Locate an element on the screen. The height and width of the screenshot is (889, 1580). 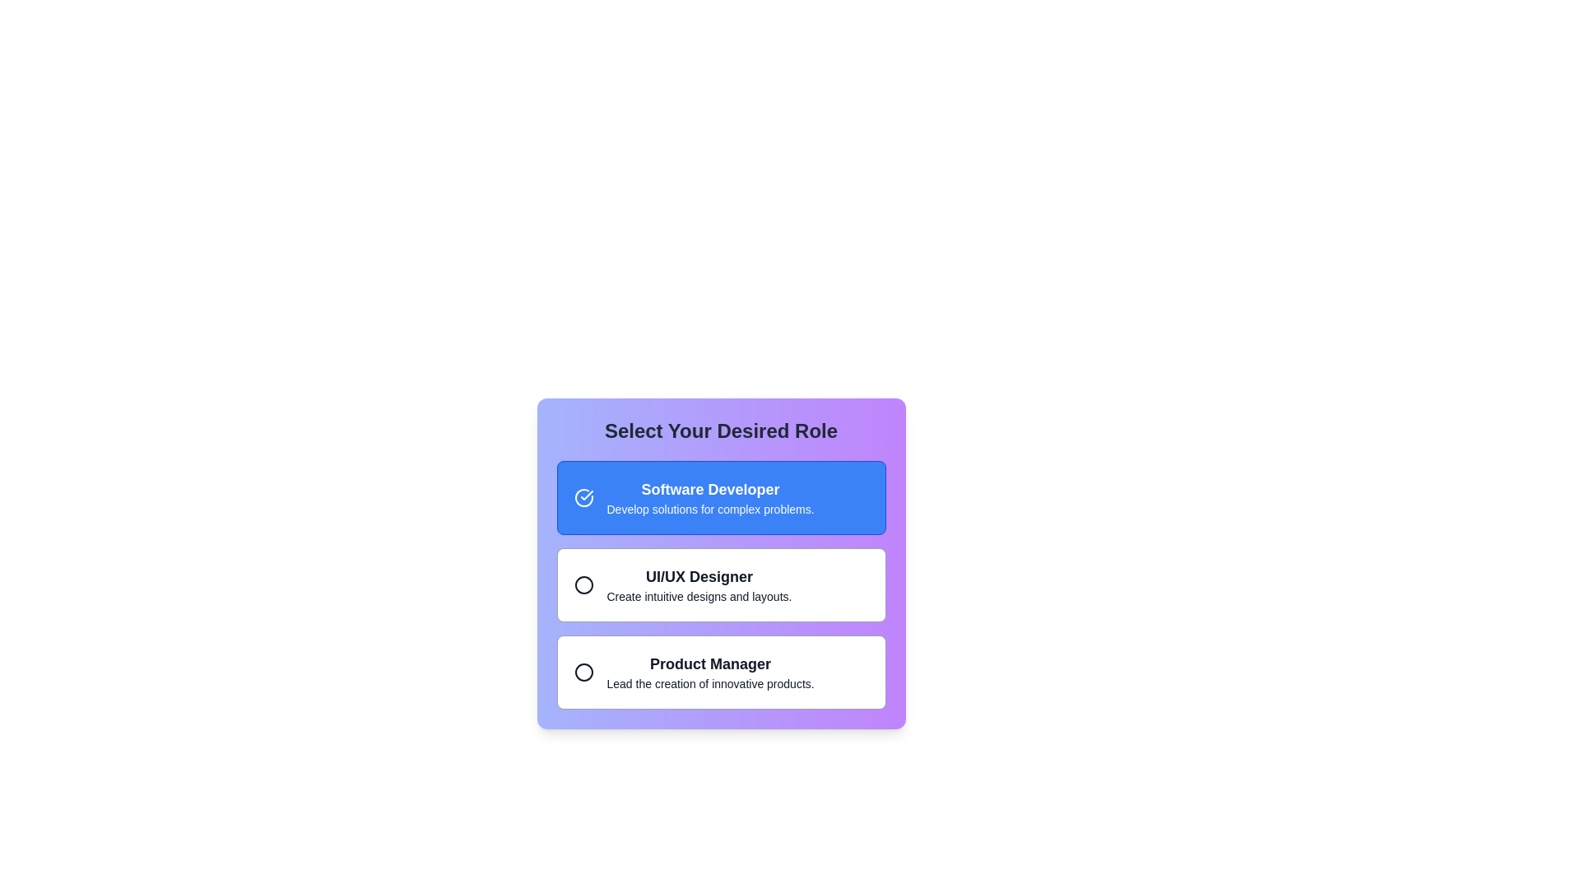
the 'Software Developer' label is located at coordinates (710, 488).